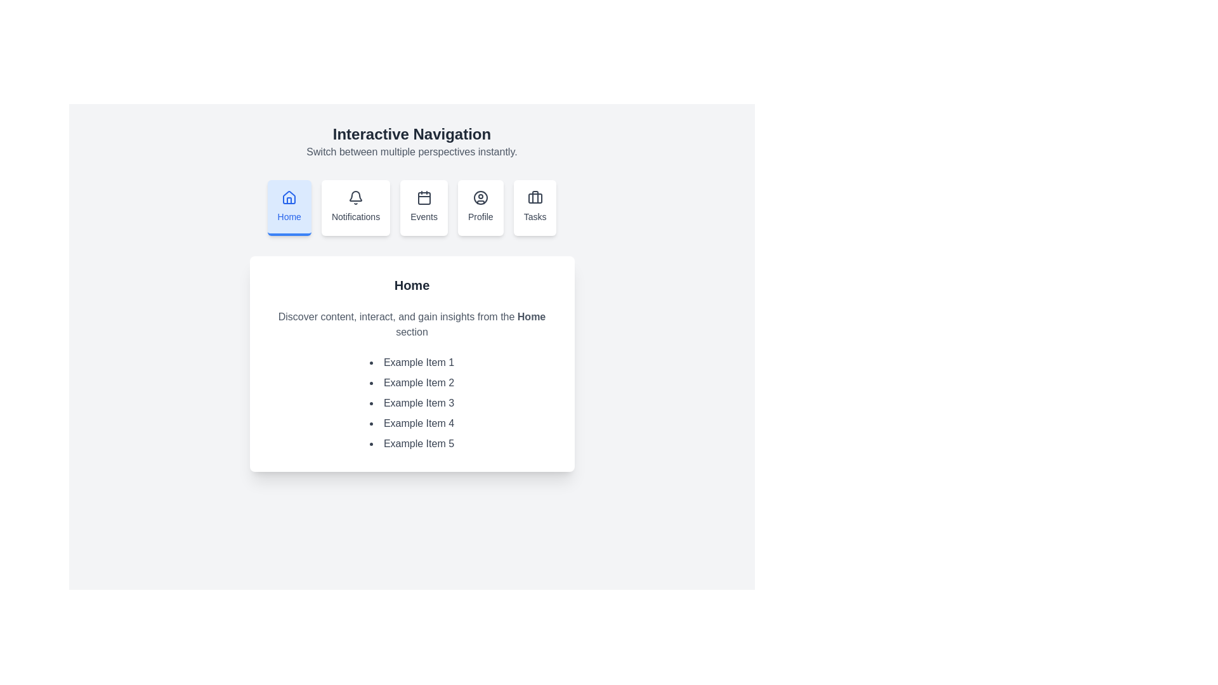 Image resolution: width=1218 pixels, height=685 pixels. Describe the element at coordinates (412, 207) in the screenshot. I see `the individual navigation buttons in the navigation bar located centrally at the top of the interface` at that location.